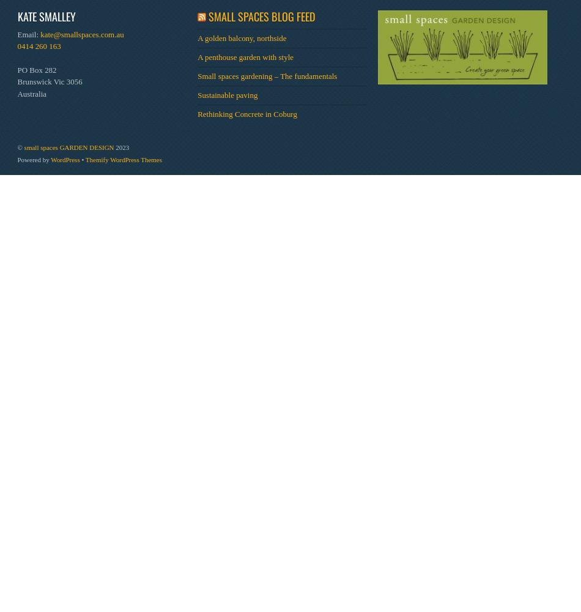 The width and height of the screenshot is (581, 612). What do you see at coordinates (39, 45) in the screenshot?
I see `'0414 260 163'` at bounding box center [39, 45].